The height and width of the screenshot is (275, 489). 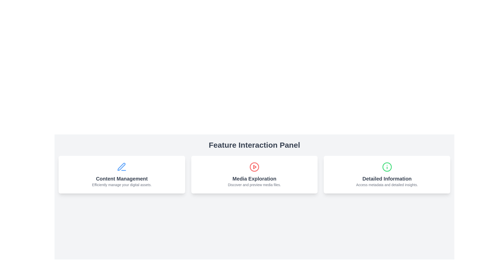 What do you see at coordinates (387, 178) in the screenshot?
I see `the text label that serves as a title for the rightmost card in a row of three cards` at bounding box center [387, 178].